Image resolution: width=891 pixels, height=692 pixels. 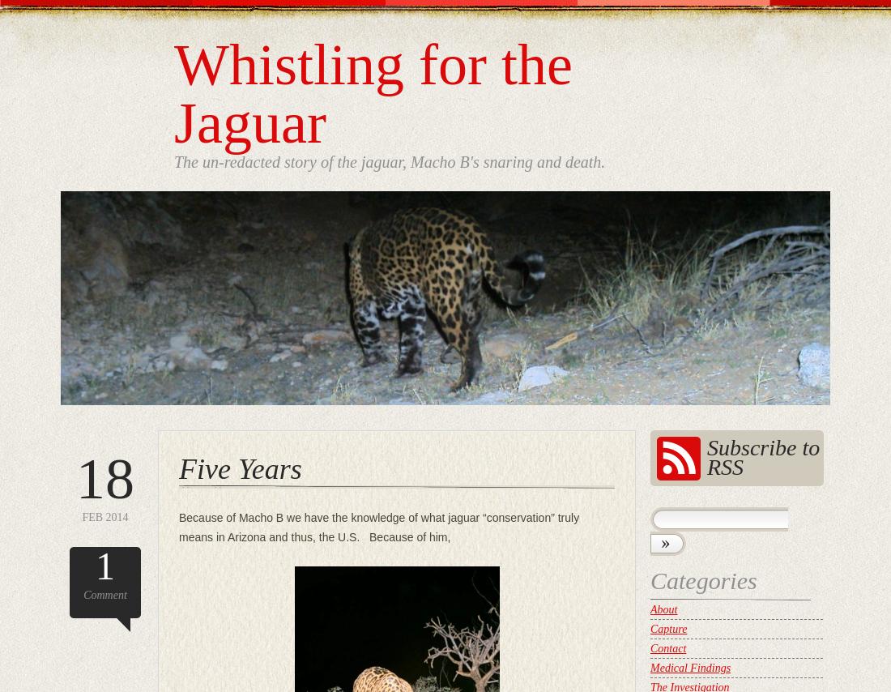 I want to click on 'The un-redacted story of  the jaguar, Macho B's snaring and death.', so click(x=174, y=161).